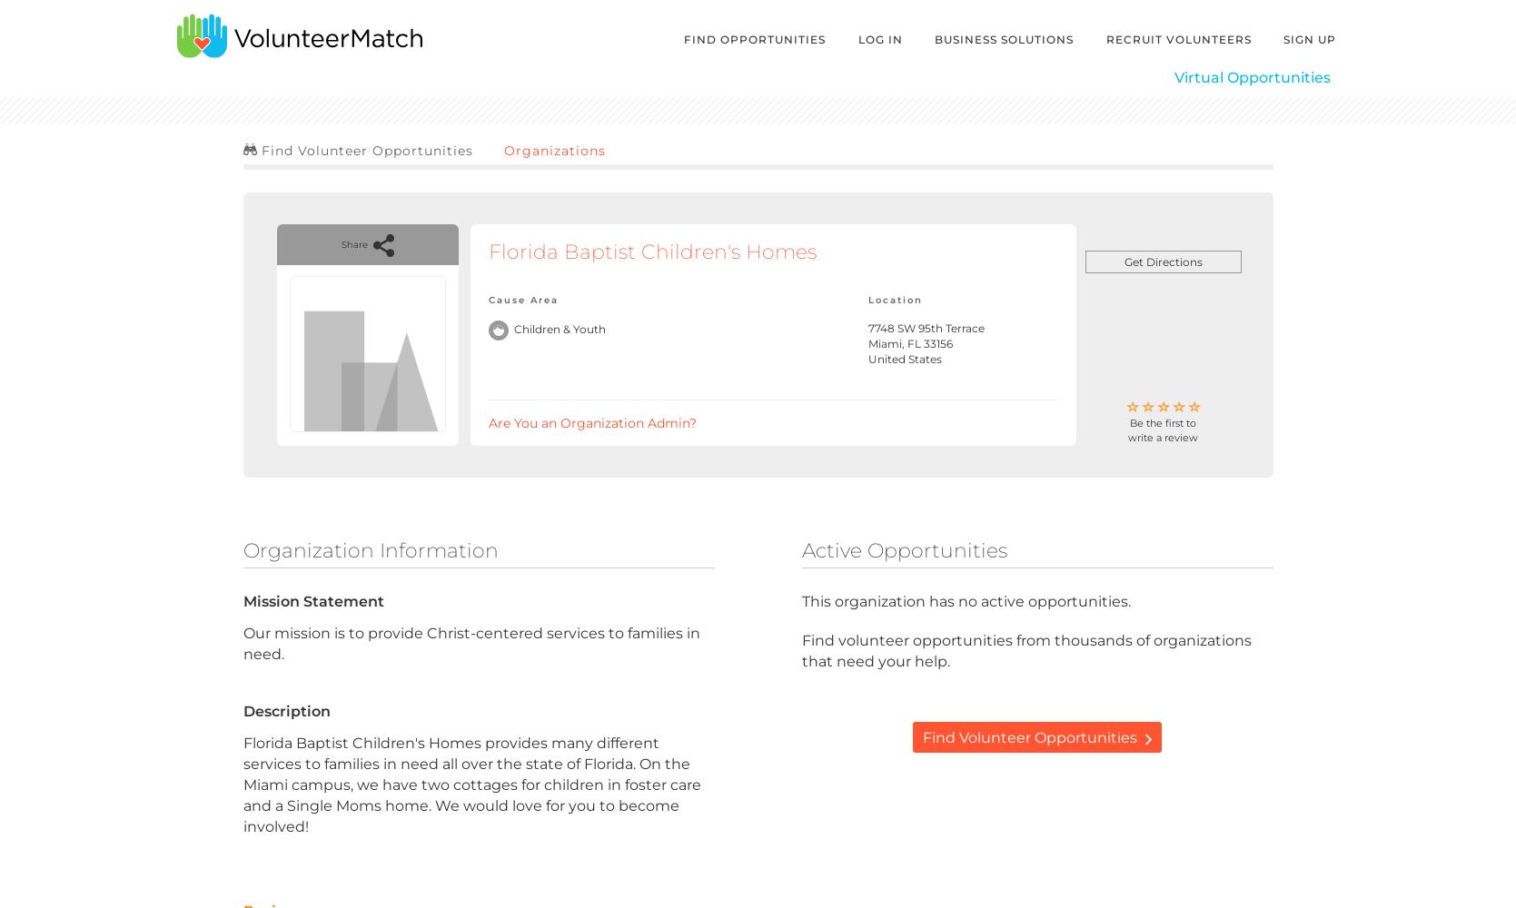 The image size is (1516, 908). Describe the element at coordinates (879, 39) in the screenshot. I see `'LOG IN'` at that location.